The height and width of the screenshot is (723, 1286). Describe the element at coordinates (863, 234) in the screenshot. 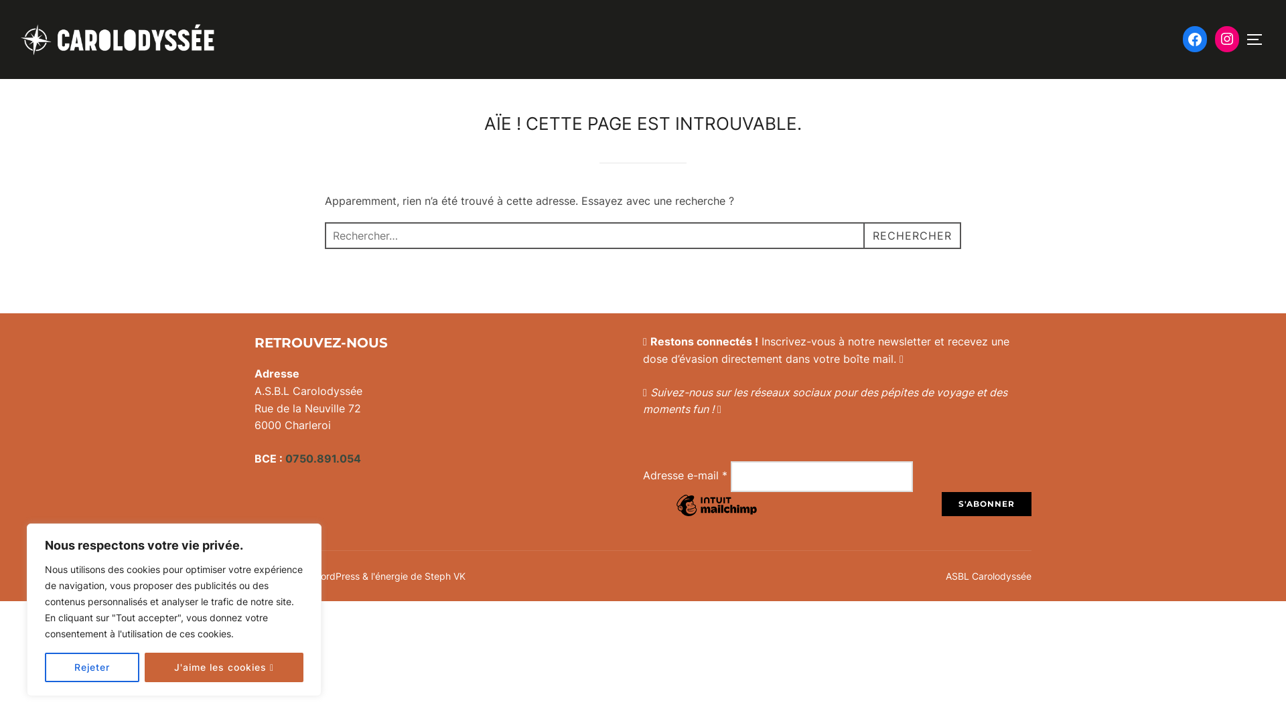

I see `'RECHERCHER'` at that location.